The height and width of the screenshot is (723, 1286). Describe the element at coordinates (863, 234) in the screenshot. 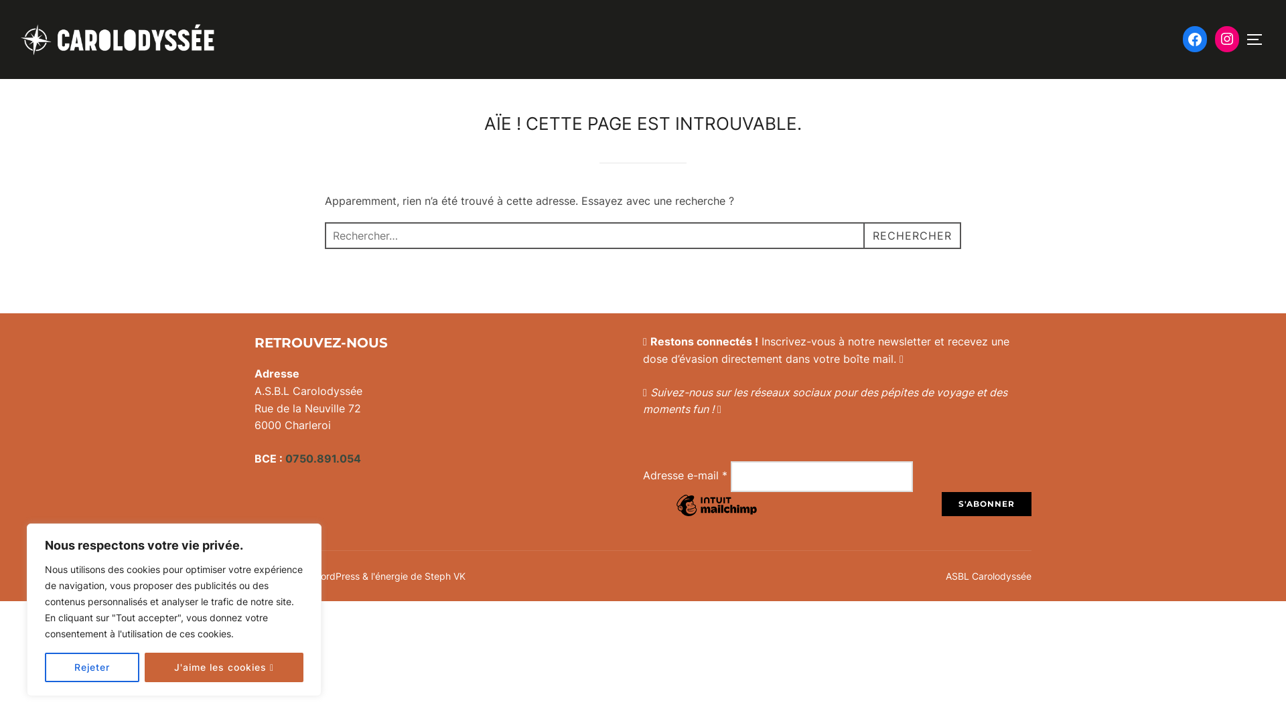

I see `'RECHERCHER'` at that location.